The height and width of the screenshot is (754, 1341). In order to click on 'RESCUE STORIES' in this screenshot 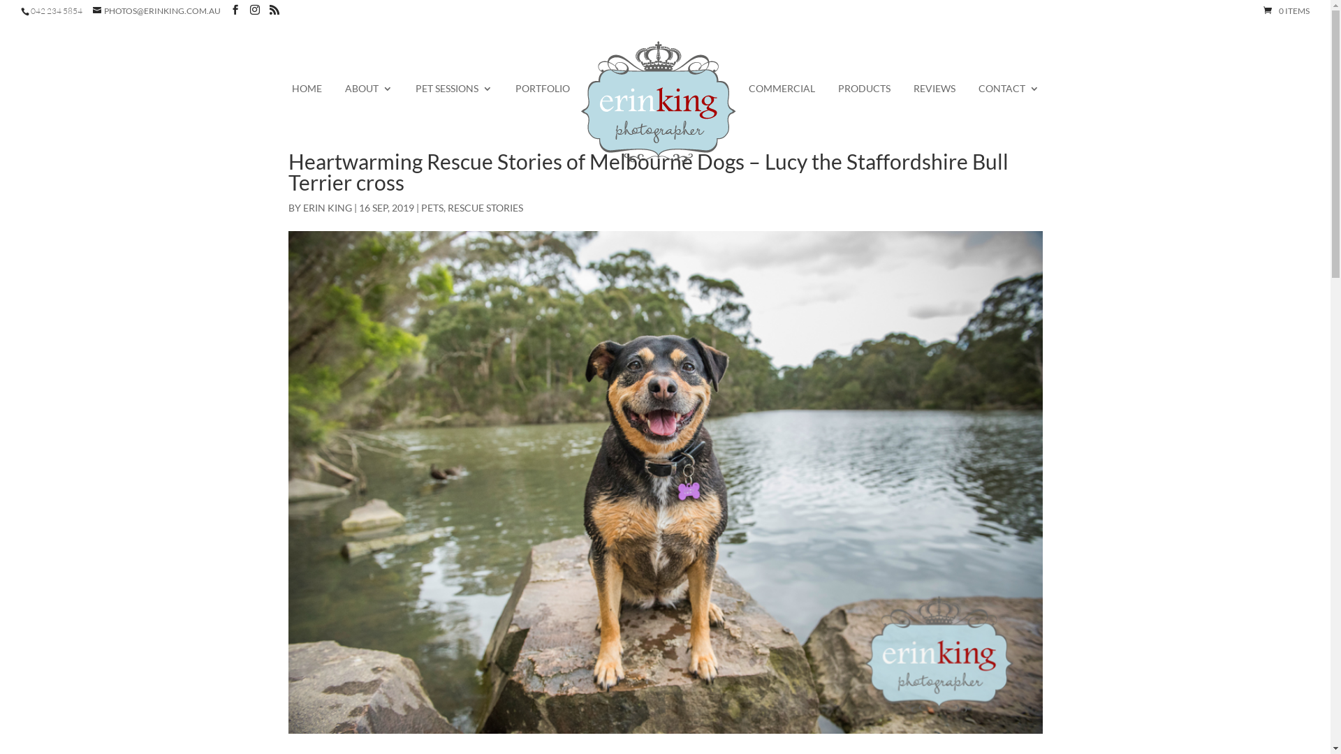, I will do `click(485, 207)`.